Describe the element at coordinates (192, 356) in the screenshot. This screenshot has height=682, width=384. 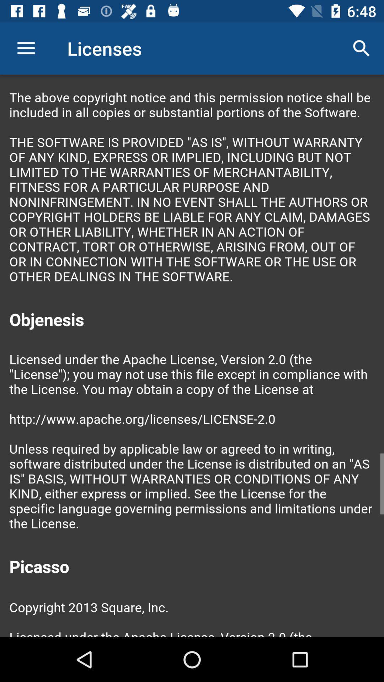
I see `files` at that location.